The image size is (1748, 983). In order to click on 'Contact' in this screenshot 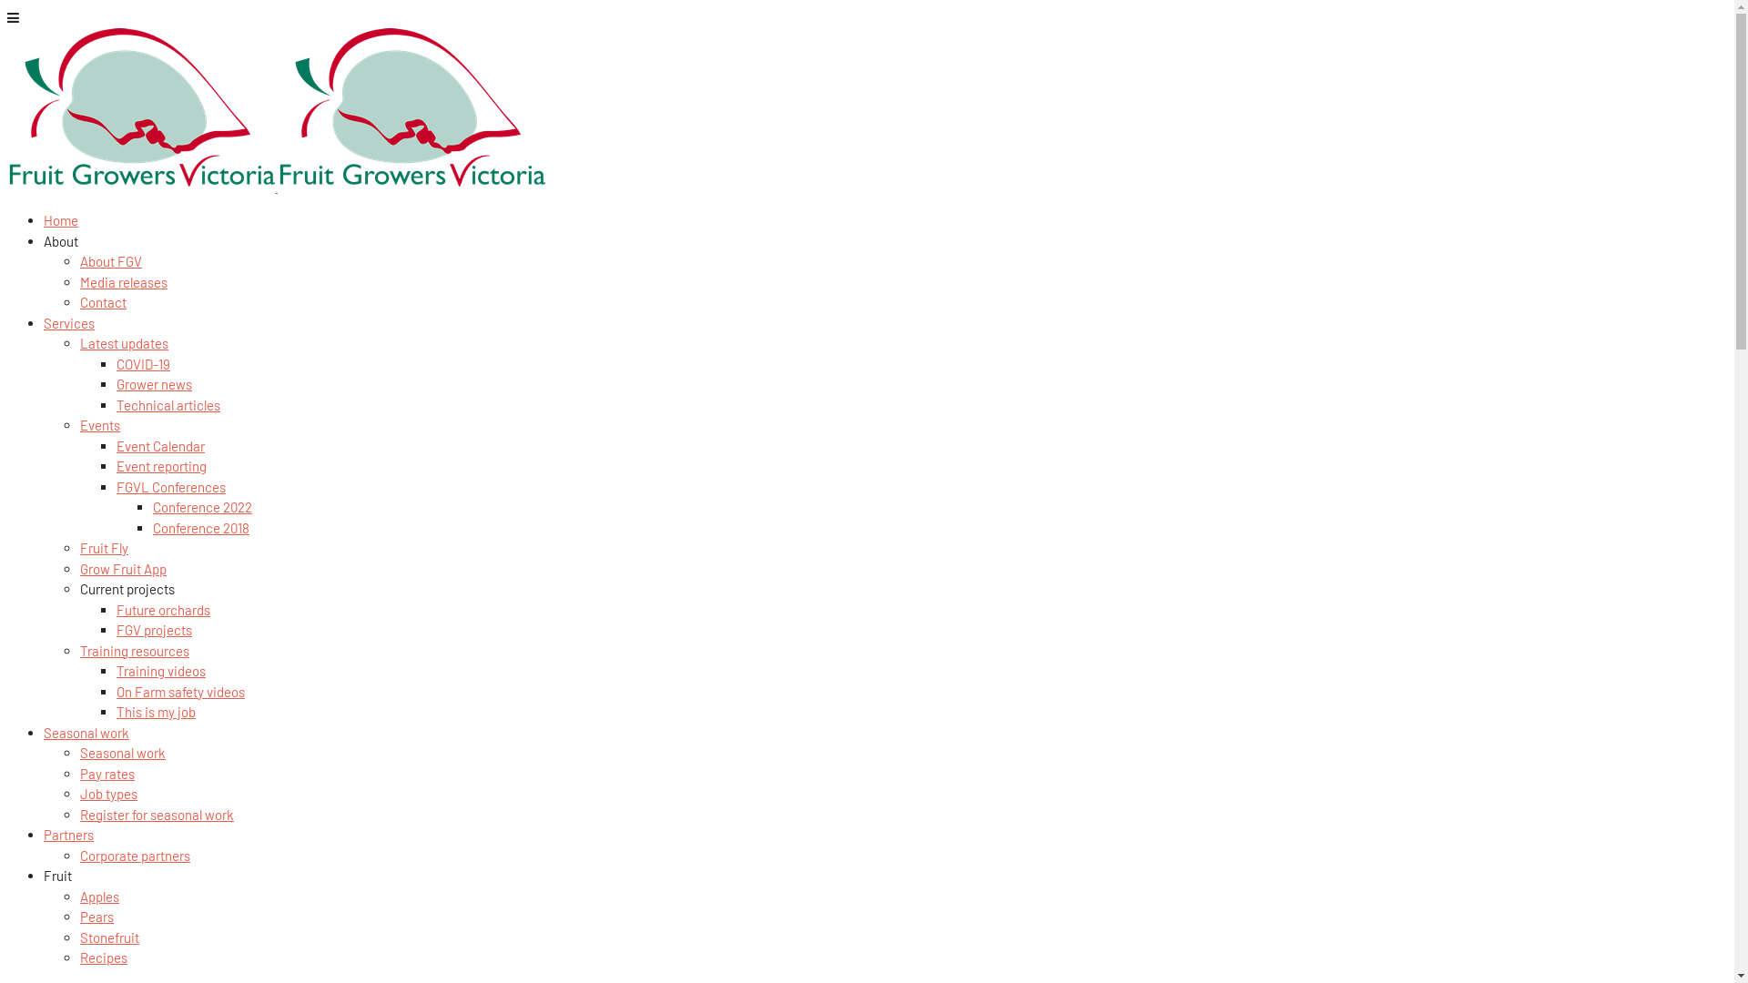, I will do `click(102, 300)`.